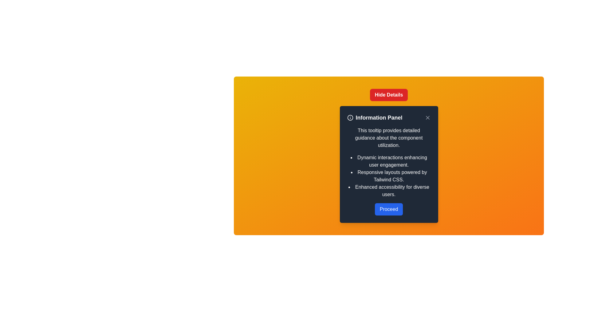 The image size is (590, 332). What do you see at coordinates (388, 209) in the screenshot?
I see `the 'Proceed' button with white text on a blue background located at the bottom center of the 'Information Panel'` at bounding box center [388, 209].